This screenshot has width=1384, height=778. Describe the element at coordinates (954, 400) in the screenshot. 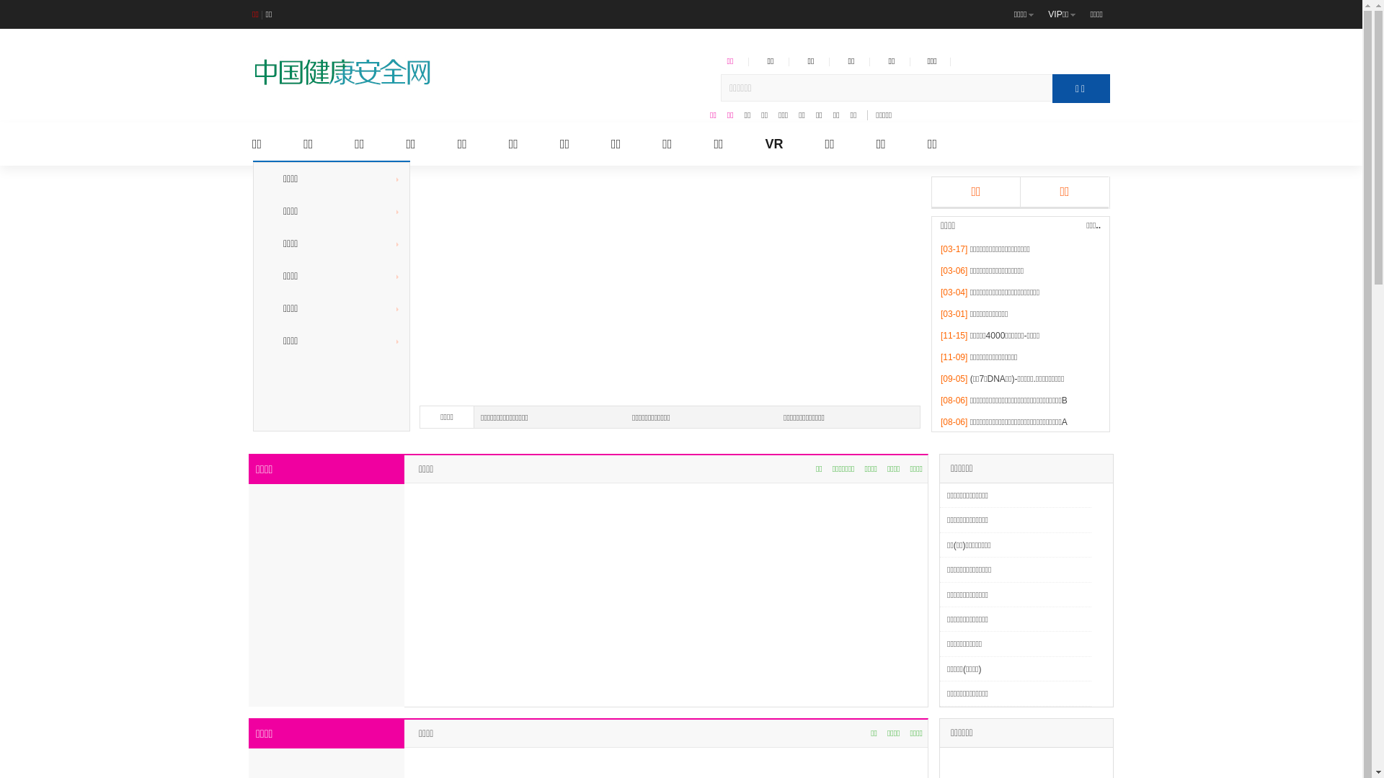

I see `'[08-06]'` at that location.